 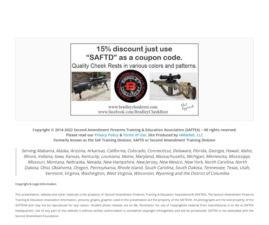 I want to click on 'Copyright & Legal Information', so click(x=35, y=183).